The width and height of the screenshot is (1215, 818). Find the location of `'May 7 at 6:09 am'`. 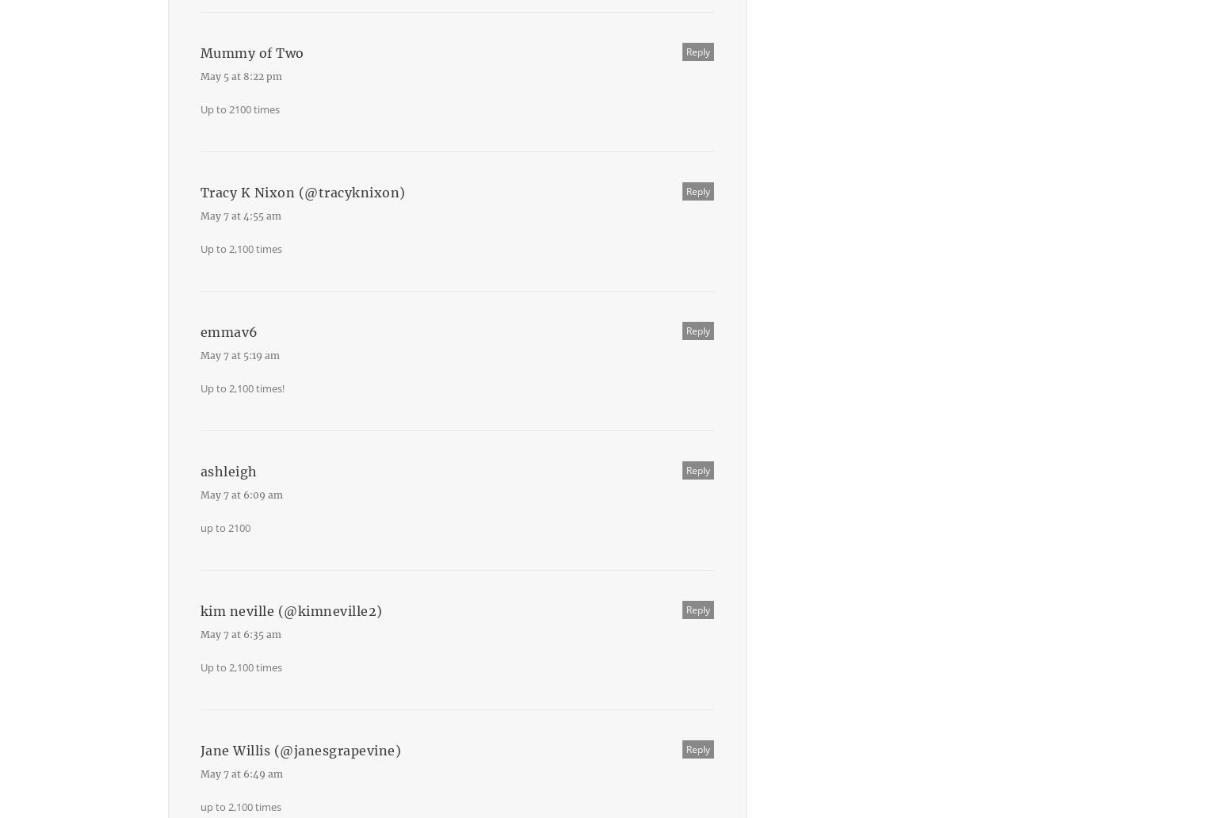

'May 7 at 6:09 am' is located at coordinates (240, 495).